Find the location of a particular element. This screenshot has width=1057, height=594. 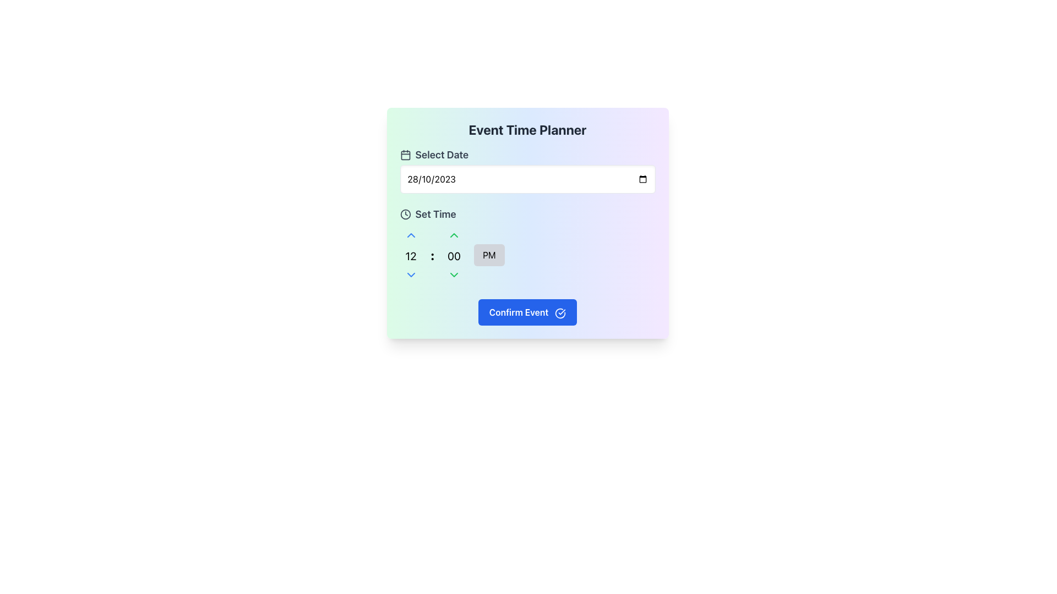

hour value displayed in the text-based display component located on the left side of the time input area, positioned directly below the upward chevron icon and above the downward chevron icon is located at coordinates (410, 255).